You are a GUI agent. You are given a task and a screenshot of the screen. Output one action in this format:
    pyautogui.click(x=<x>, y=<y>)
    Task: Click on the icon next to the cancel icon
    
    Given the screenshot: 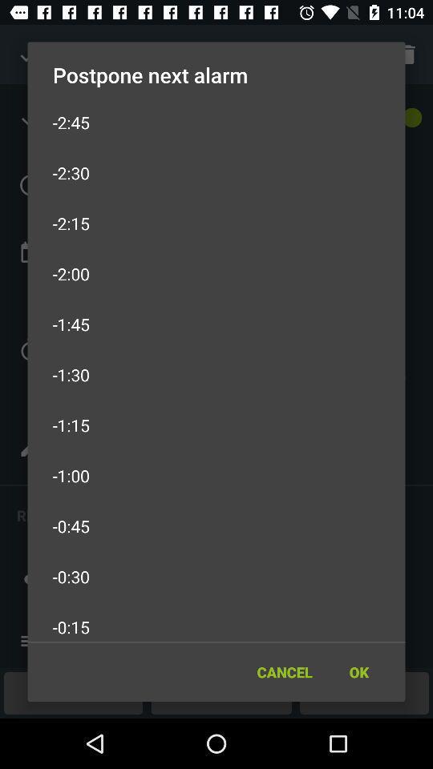 What is the action you would take?
    pyautogui.click(x=358, y=672)
    